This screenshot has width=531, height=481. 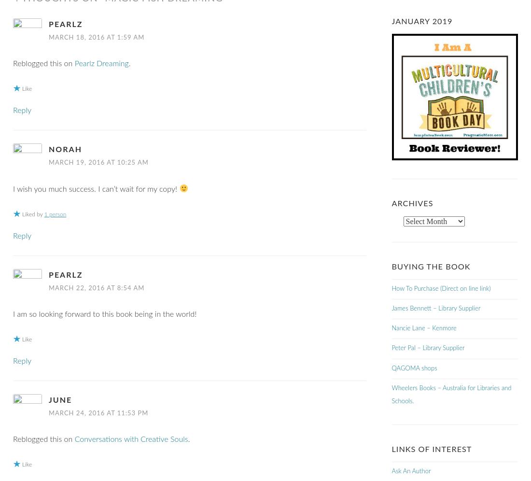 I want to click on 'James Bennett – Library Supplier', so click(x=435, y=308).